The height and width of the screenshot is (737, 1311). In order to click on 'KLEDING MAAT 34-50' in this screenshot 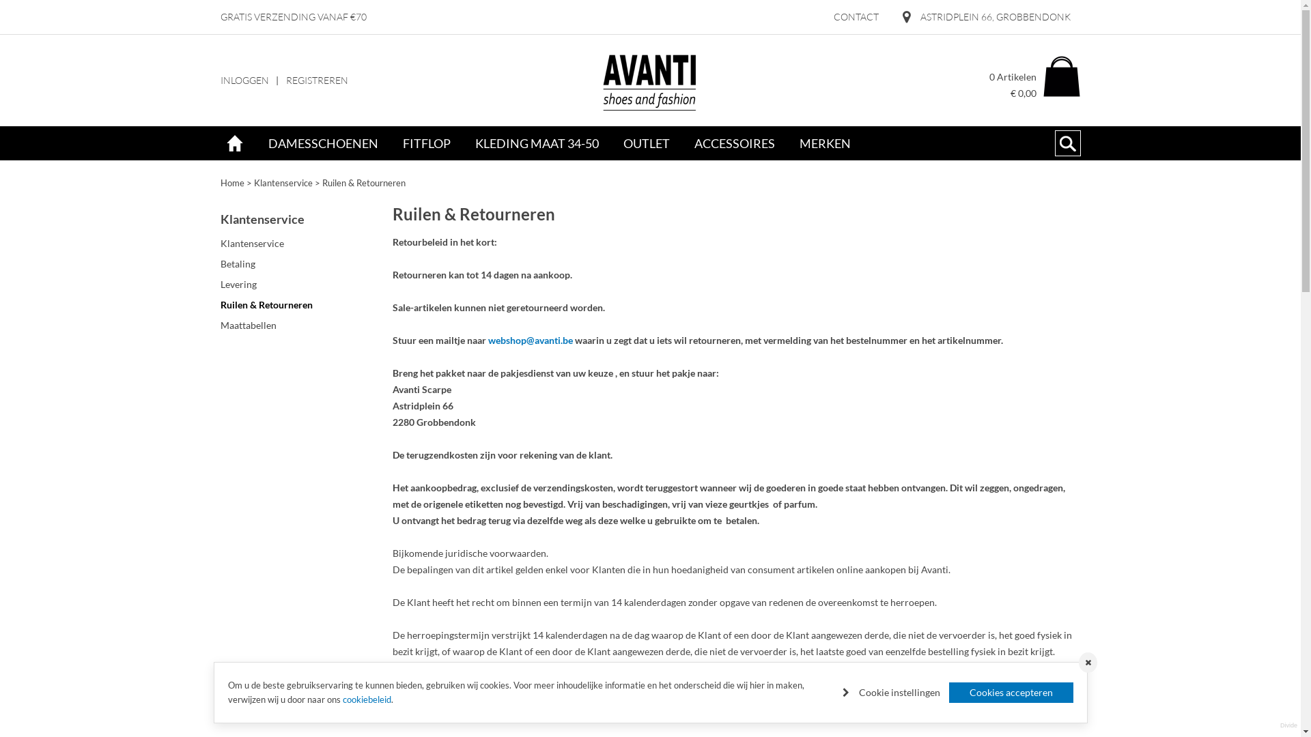, I will do `click(462, 143)`.